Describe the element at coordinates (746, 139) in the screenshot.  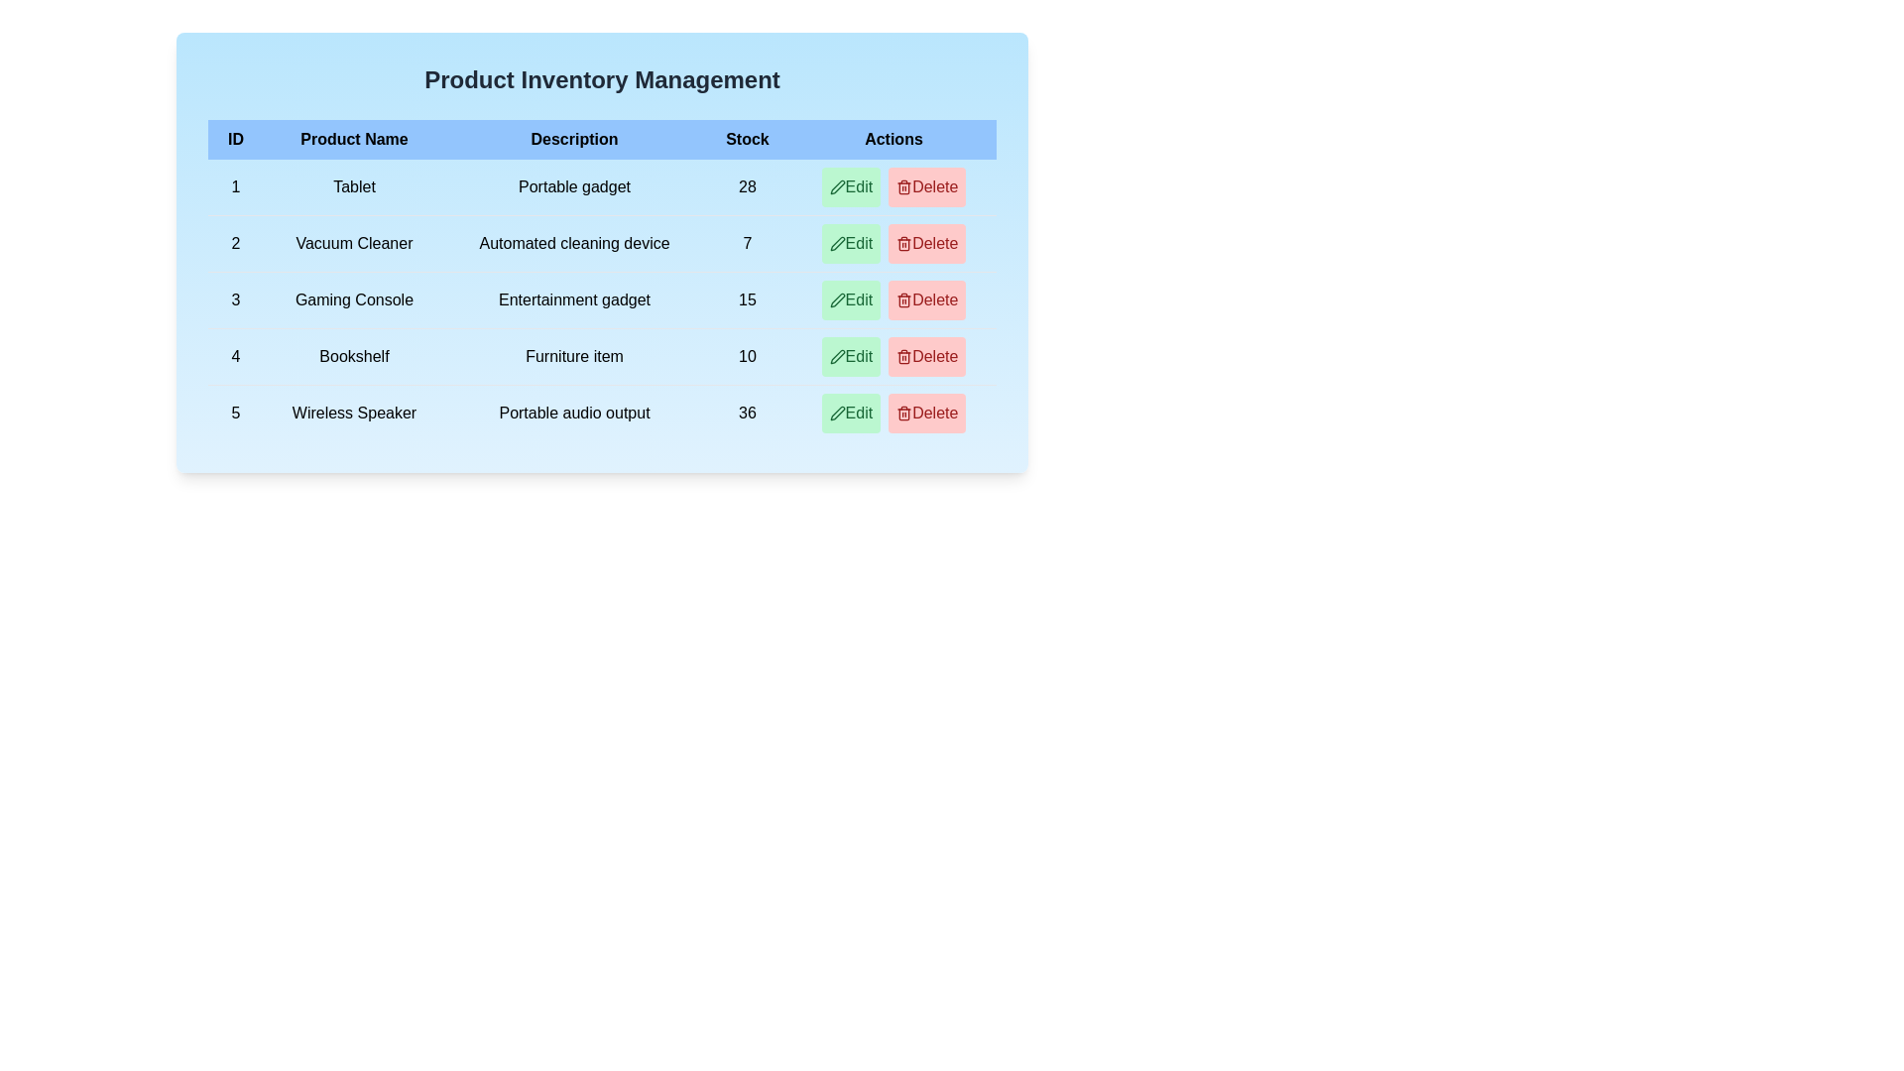
I see `the table header cell labeled 'Stock', which is the fourth column header styled with padding and a light blue background` at that location.